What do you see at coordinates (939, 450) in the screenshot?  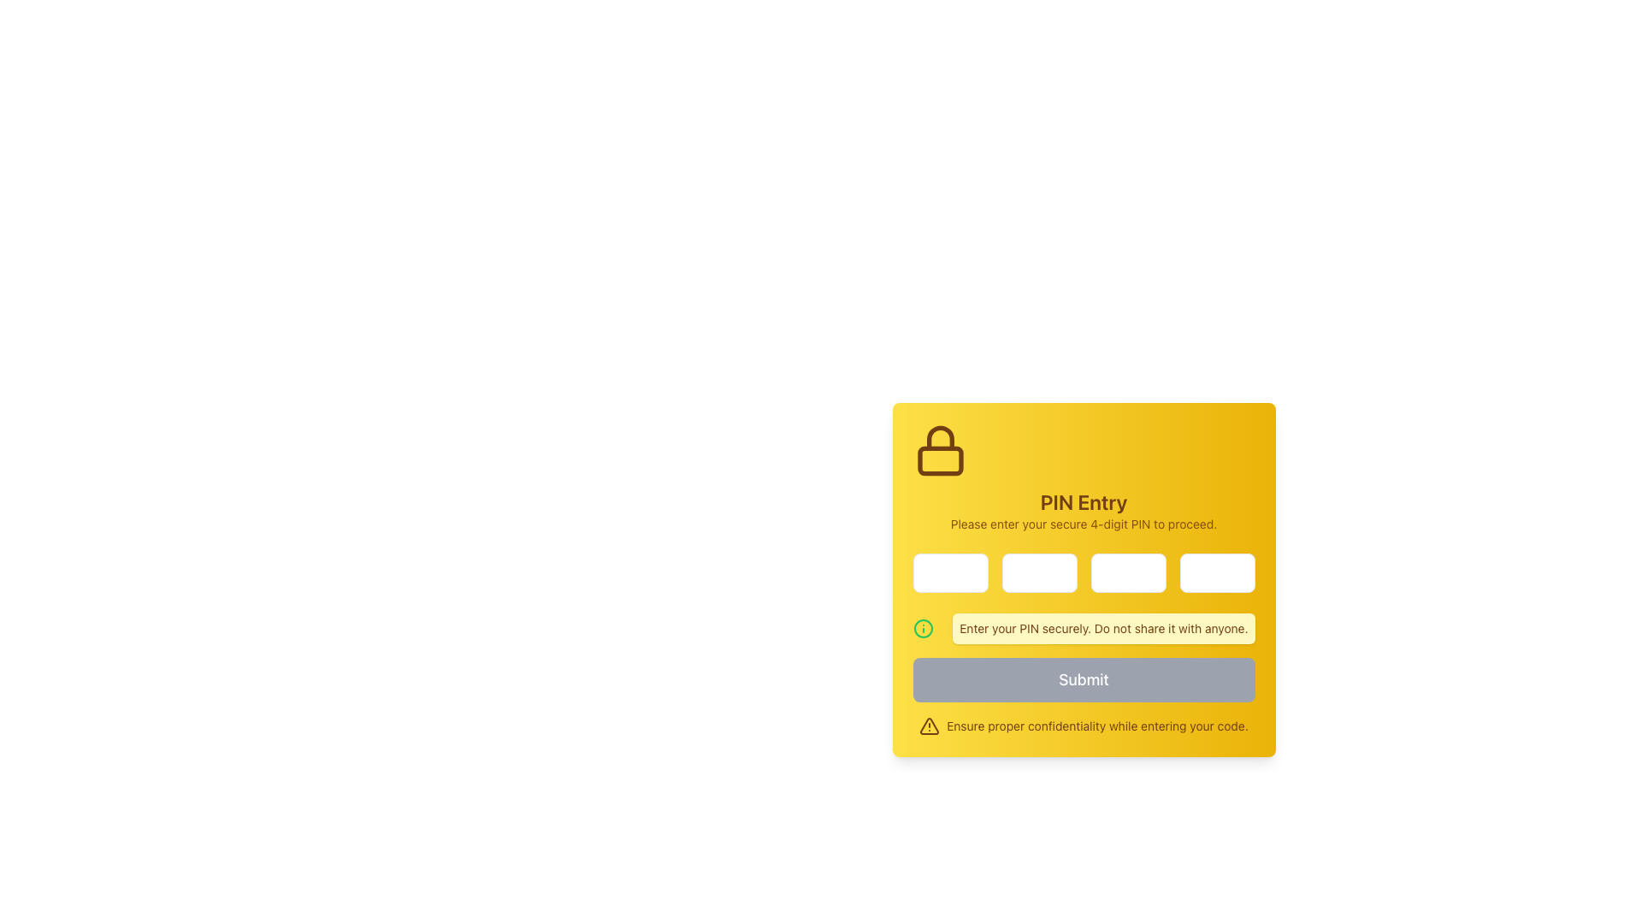 I see `the decorative lock icon located in the top-left corner of the yellow card in the PIN entry section, which is positioned above the 'PIN Entry' text` at bounding box center [939, 450].